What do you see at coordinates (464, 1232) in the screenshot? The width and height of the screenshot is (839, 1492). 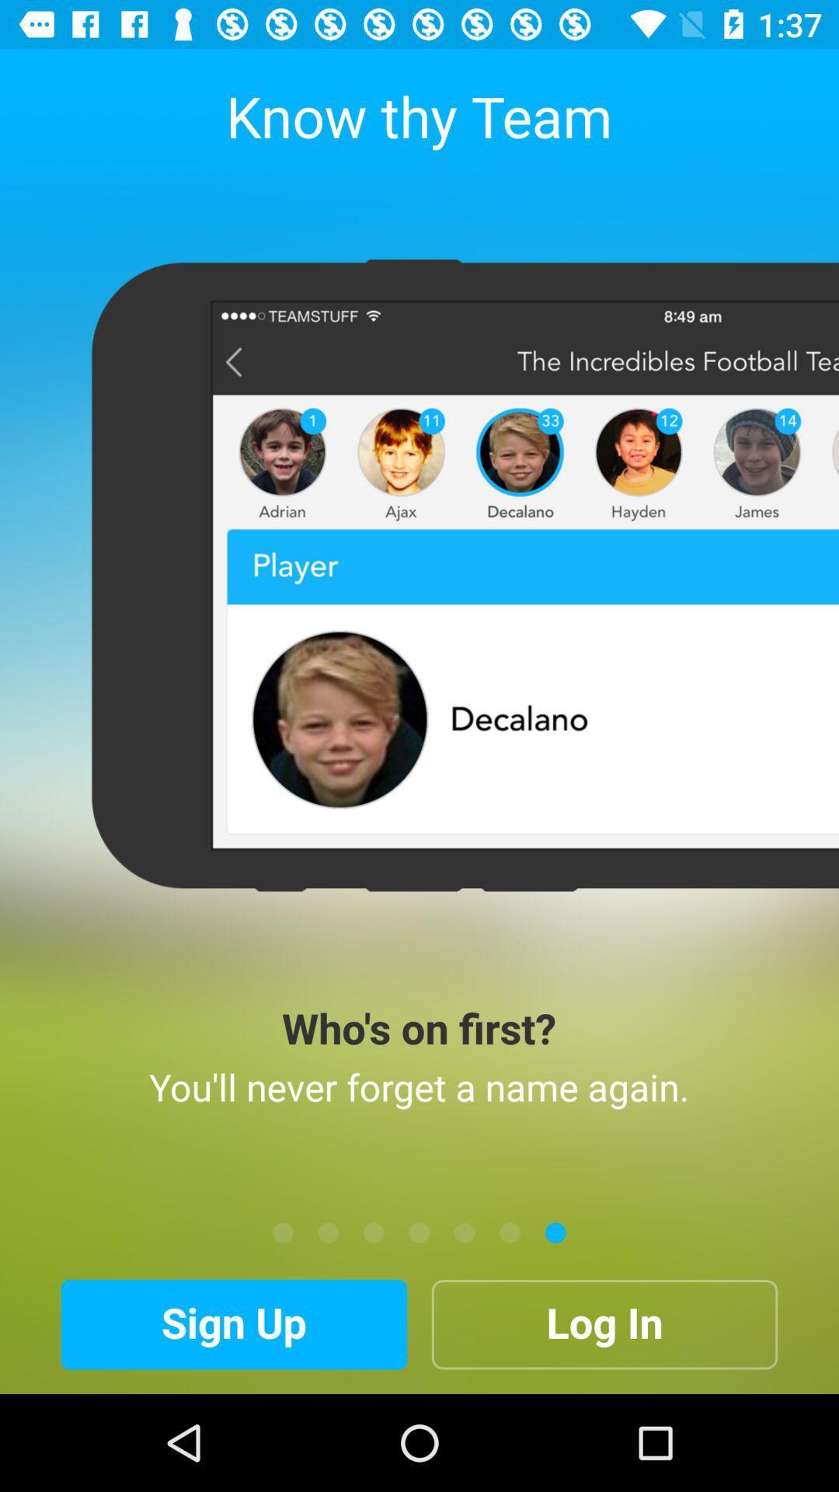 I see `how many taks have been completed` at bounding box center [464, 1232].